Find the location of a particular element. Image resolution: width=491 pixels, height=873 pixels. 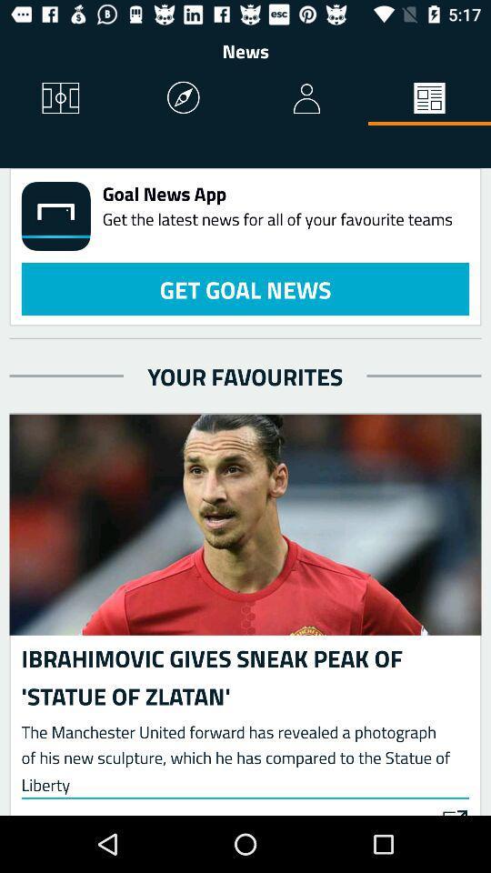

icon below the news item is located at coordinates (61, 99).